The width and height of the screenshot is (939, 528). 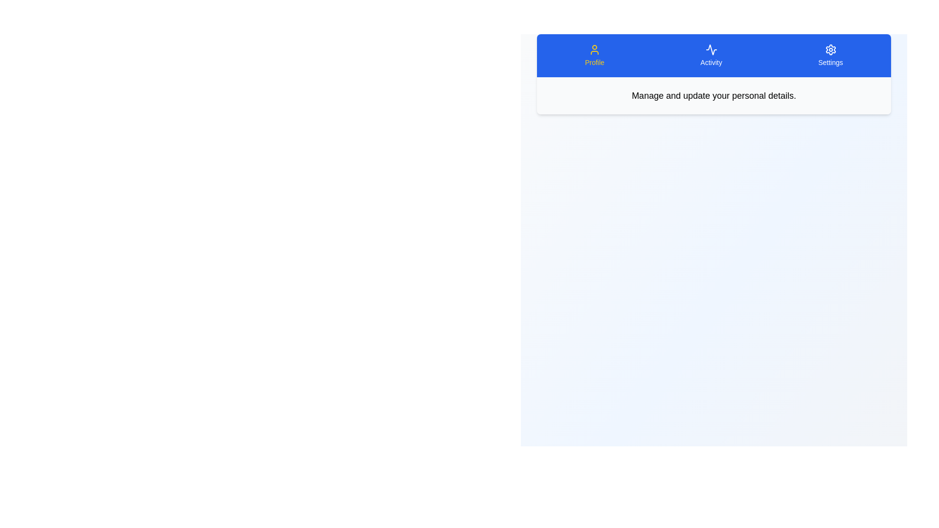 What do you see at coordinates (830, 56) in the screenshot?
I see `the tab labeled Settings` at bounding box center [830, 56].